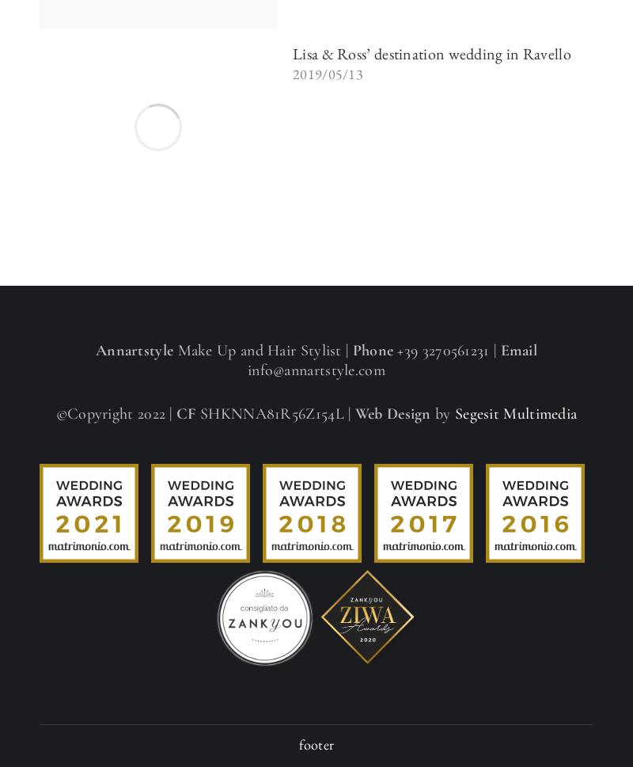 This screenshot has height=767, width=633. I want to click on 'Lisa & Ross’ destination wedding in Ravello', so click(431, 53).